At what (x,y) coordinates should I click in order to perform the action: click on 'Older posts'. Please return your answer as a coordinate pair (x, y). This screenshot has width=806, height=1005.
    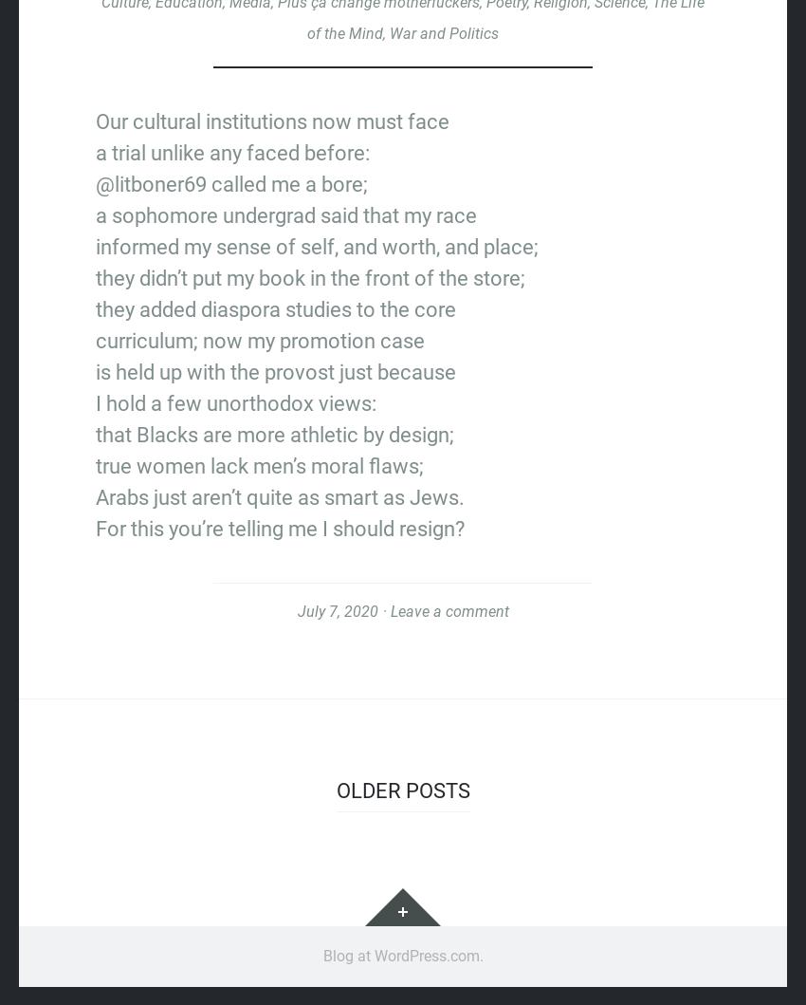
    Looking at the image, I should click on (335, 789).